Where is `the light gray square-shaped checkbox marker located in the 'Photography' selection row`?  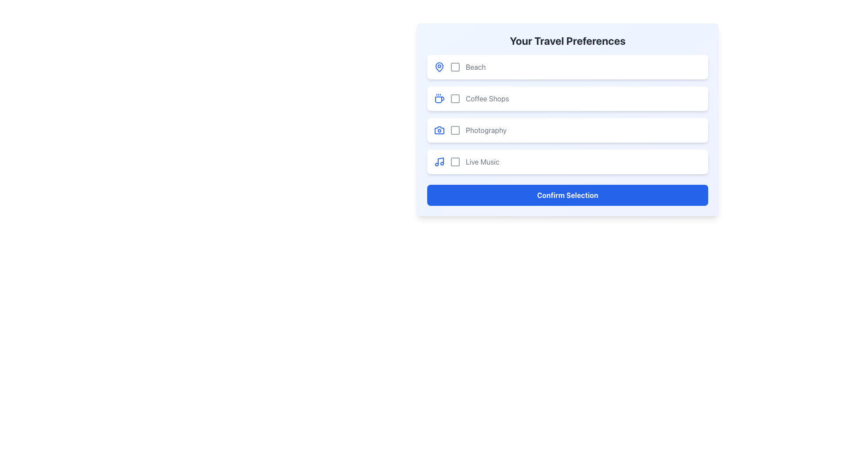 the light gray square-shaped checkbox marker located in the 'Photography' selection row is located at coordinates (455, 130).